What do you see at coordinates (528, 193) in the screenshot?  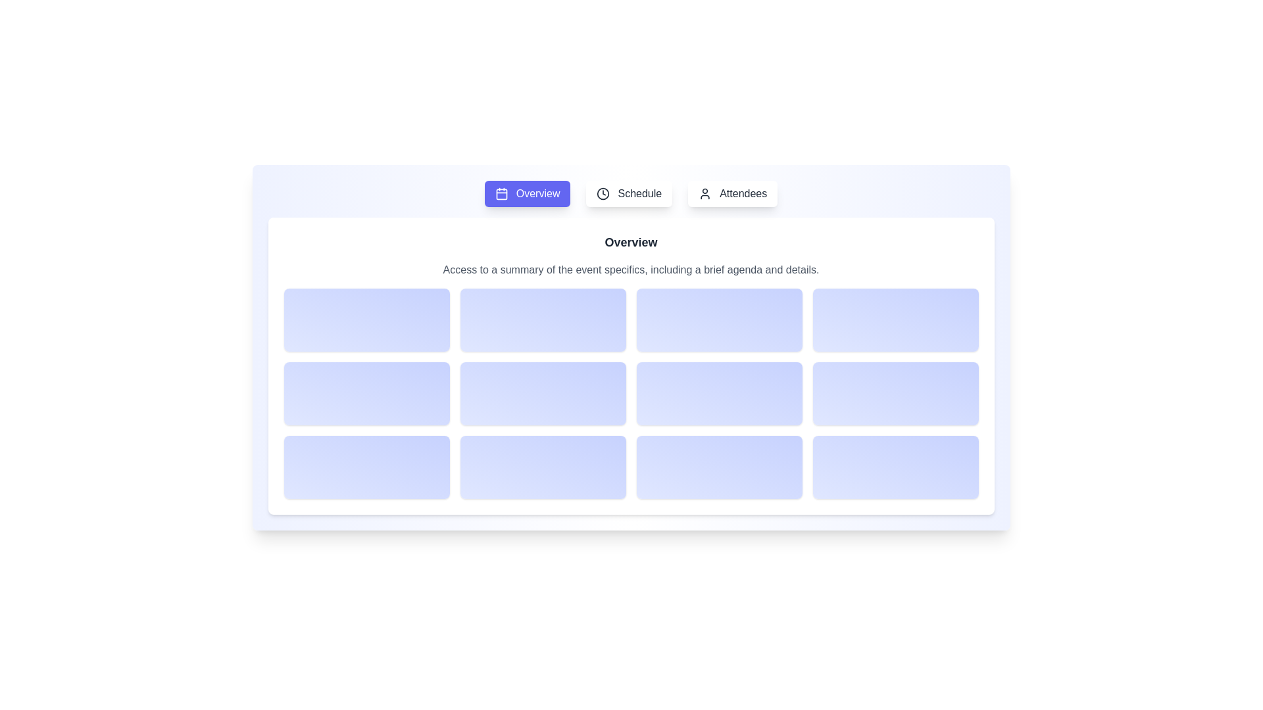 I see `the tab labeled Overview to view its content` at bounding box center [528, 193].